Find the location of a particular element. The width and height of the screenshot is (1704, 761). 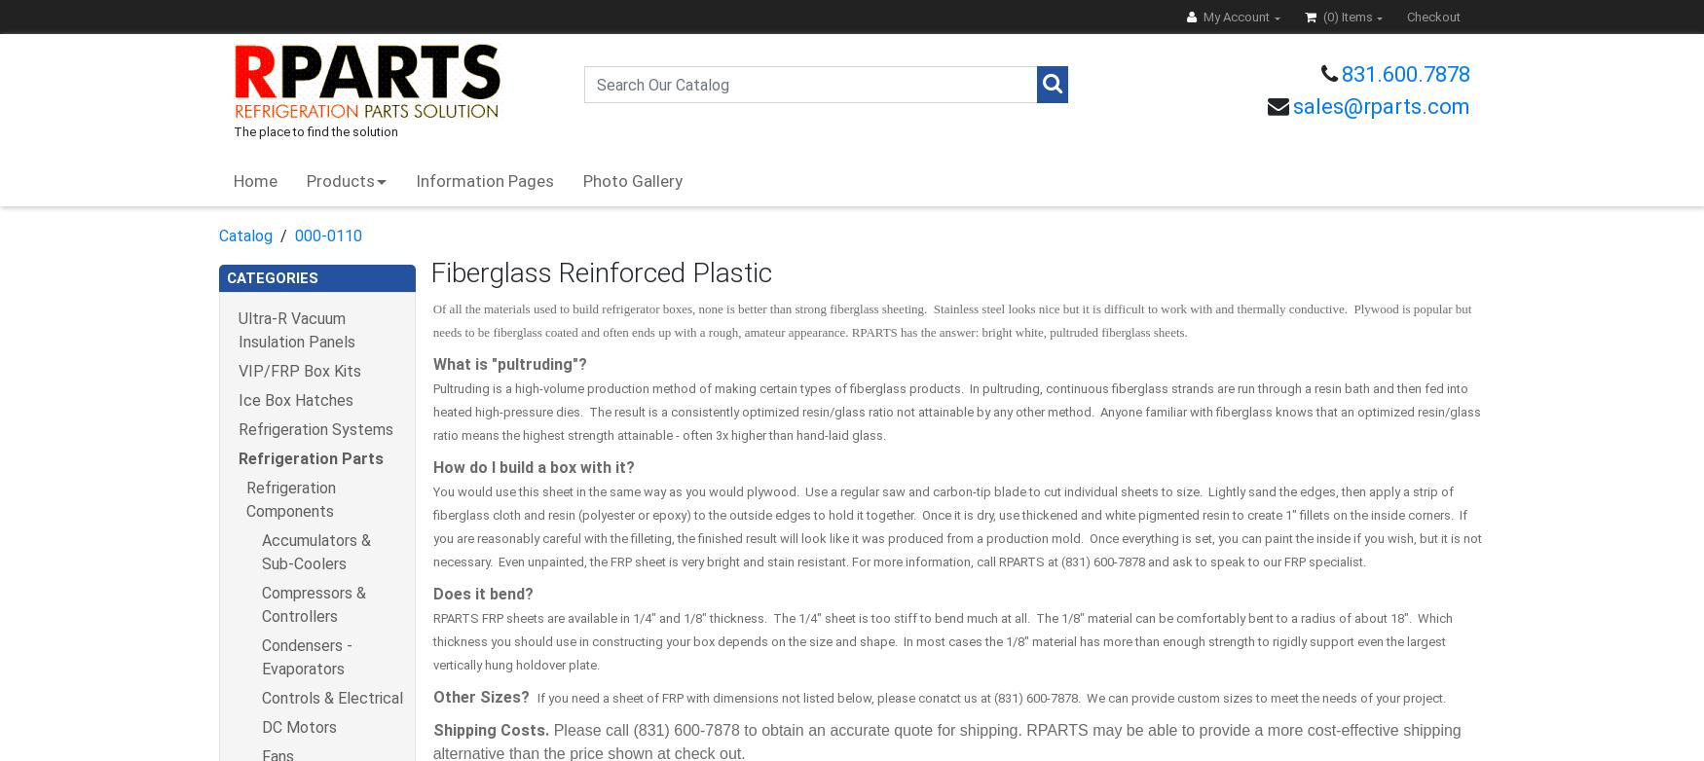

'Controls & Electrical' is located at coordinates (260, 697).